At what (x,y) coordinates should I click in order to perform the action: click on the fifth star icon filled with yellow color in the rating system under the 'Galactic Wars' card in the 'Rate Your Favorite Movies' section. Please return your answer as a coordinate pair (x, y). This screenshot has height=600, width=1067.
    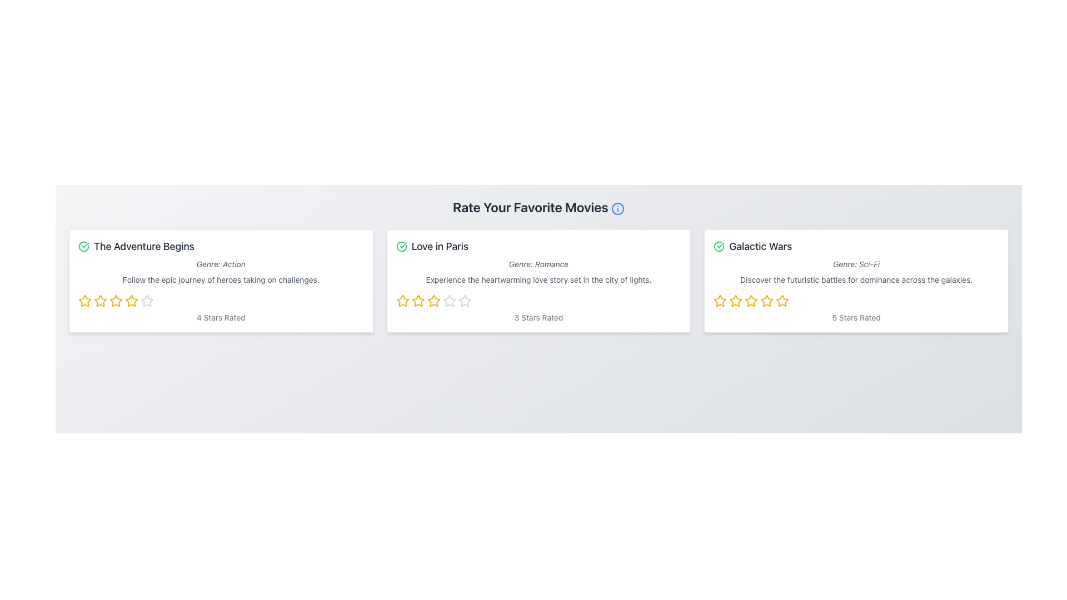
    Looking at the image, I should click on (782, 301).